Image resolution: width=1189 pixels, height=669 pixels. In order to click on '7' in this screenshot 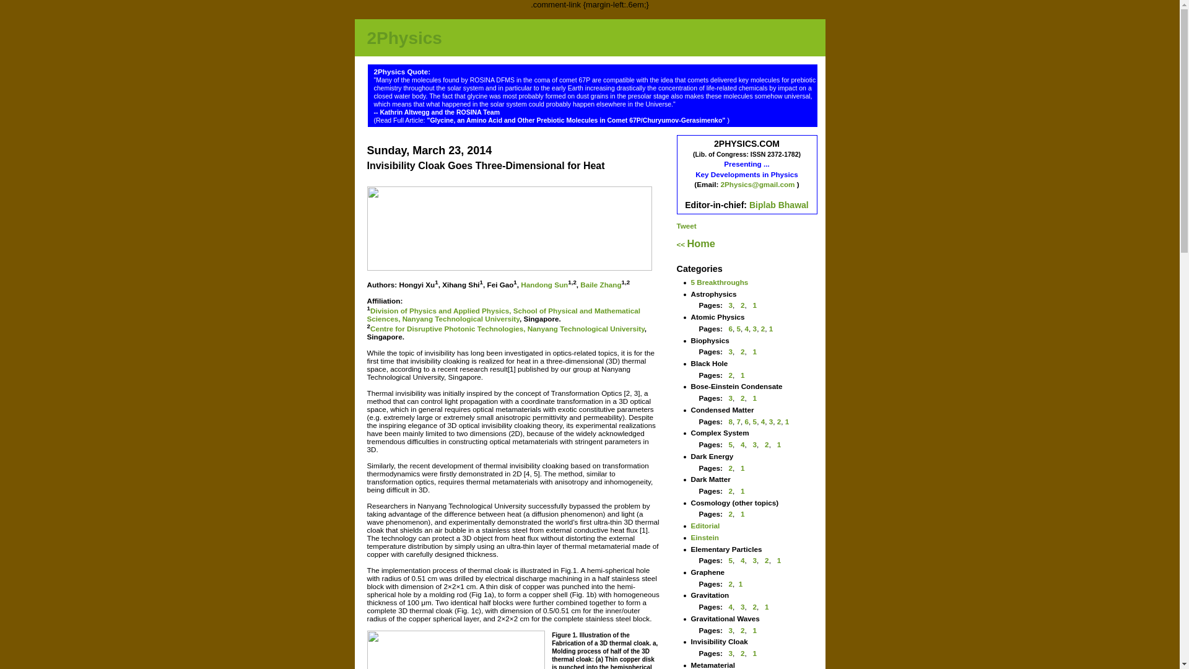, I will do `click(739, 421)`.